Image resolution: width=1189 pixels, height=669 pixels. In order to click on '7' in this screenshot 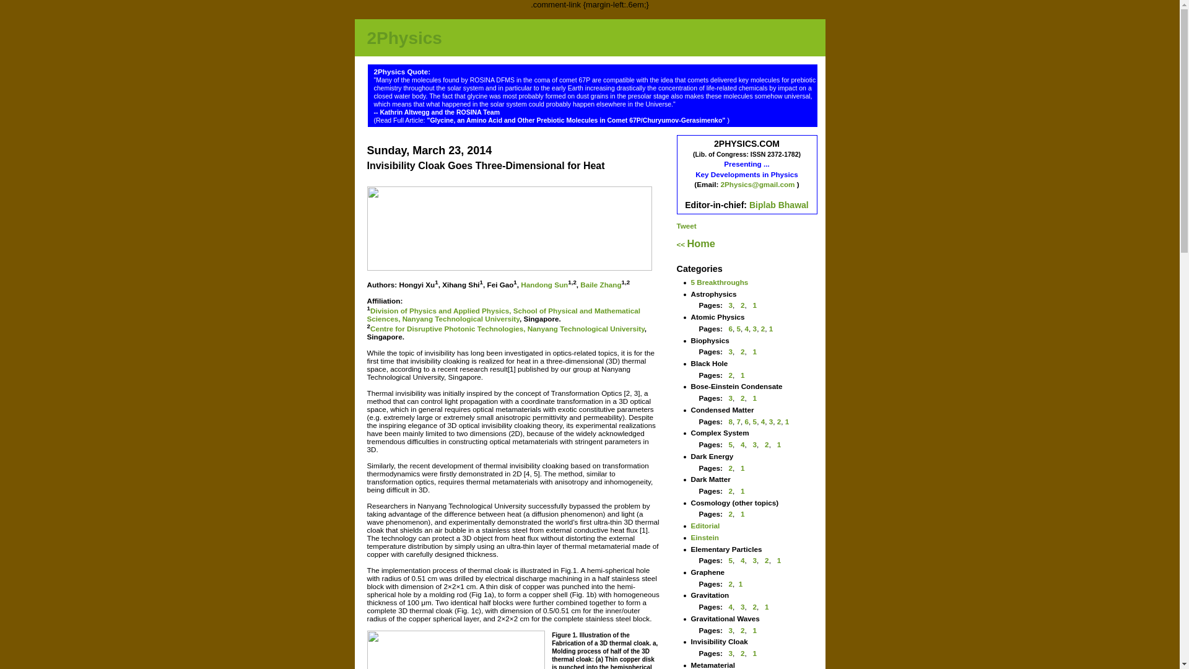, I will do `click(739, 421)`.